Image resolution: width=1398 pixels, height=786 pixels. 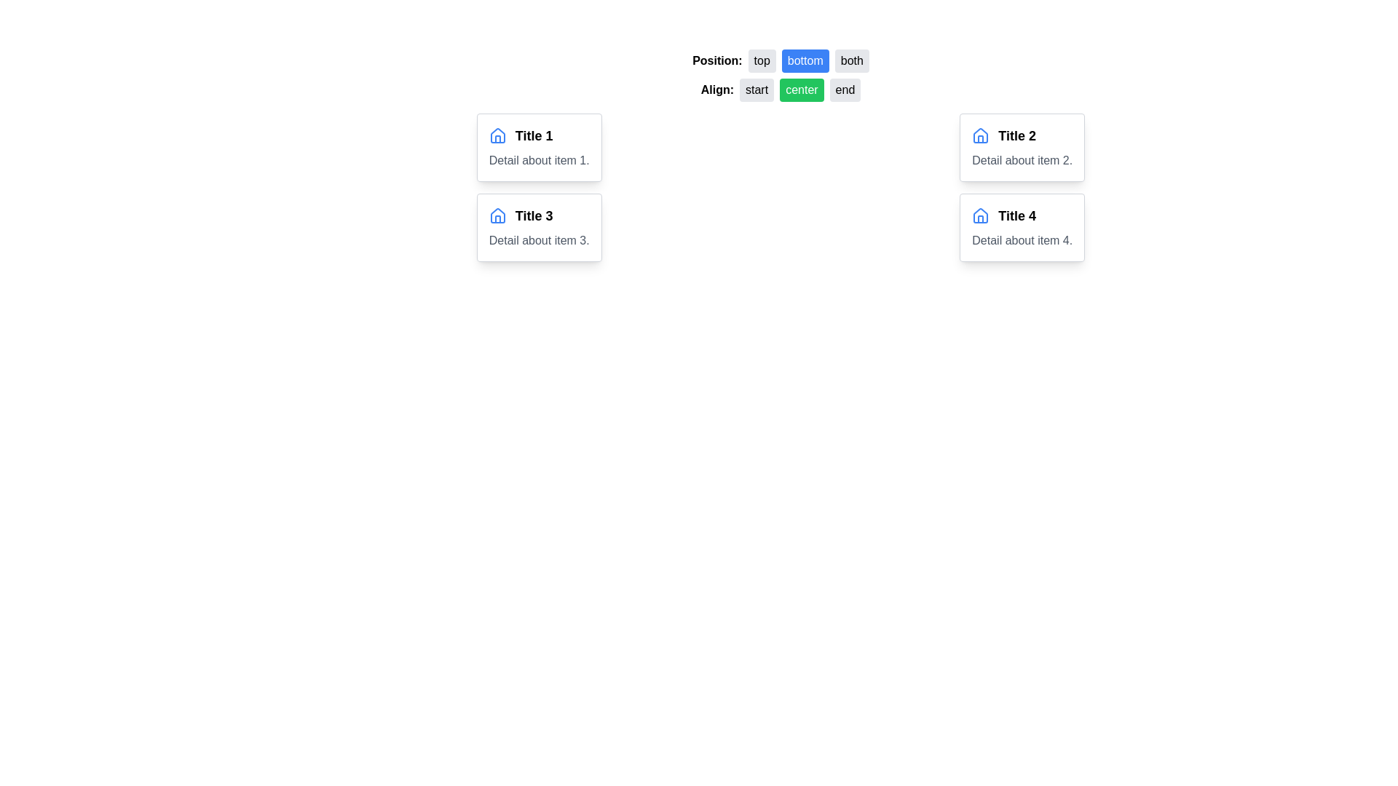 What do you see at coordinates (757, 90) in the screenshot?
I see `the 'start' button located in the 'Align:' row` at bounding box center [757, 90].